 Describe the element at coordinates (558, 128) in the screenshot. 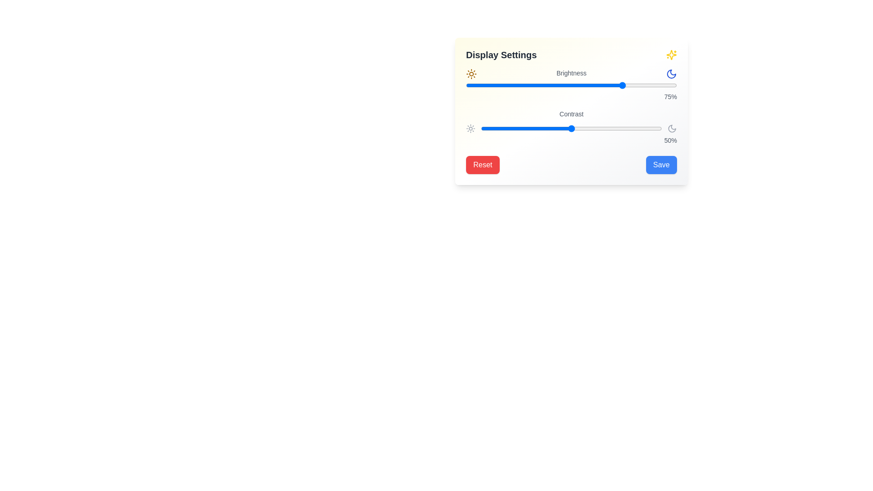

I see `contrast` at that location.